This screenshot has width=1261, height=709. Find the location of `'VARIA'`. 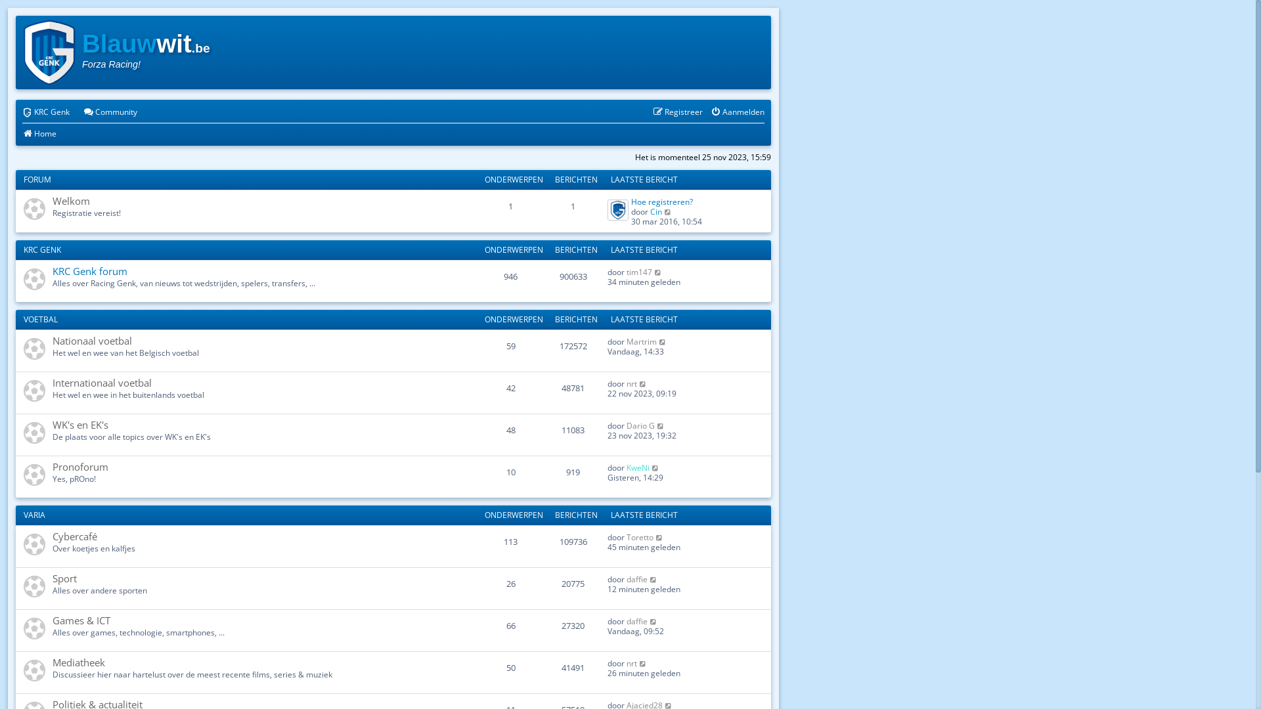

'VARIA' is located at coordinates (34, 514).